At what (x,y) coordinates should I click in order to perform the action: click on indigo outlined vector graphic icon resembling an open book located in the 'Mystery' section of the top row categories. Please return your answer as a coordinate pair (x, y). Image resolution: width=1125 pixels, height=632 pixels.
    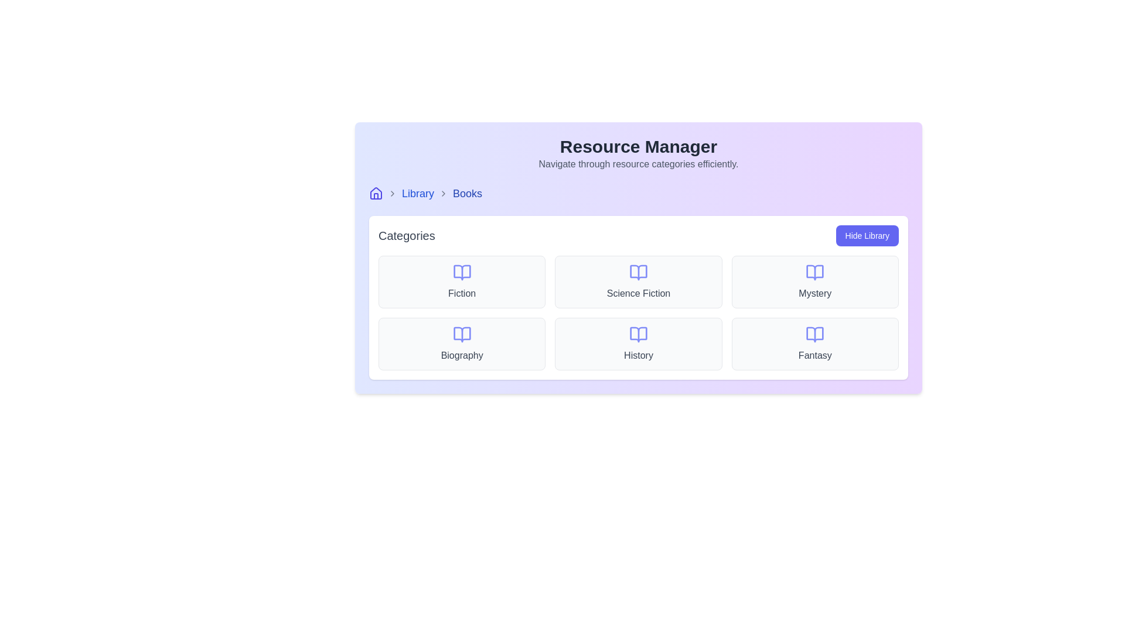
    Looking at the image, I should click on (814, 273).